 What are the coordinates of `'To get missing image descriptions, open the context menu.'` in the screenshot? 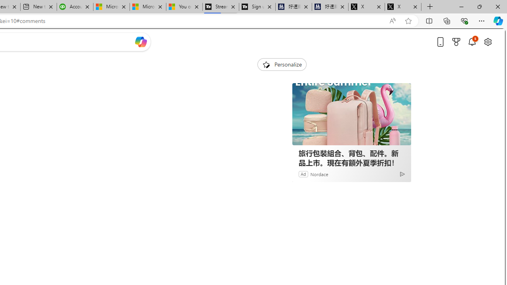 It's located at (266, 64).